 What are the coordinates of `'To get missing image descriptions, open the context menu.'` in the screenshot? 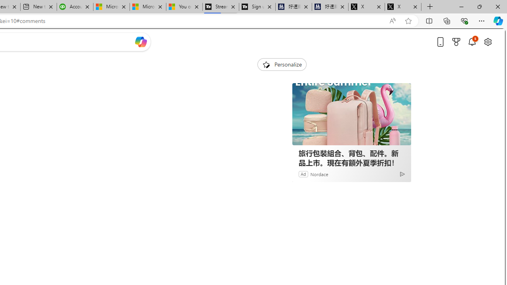 It's located at (266, 64).